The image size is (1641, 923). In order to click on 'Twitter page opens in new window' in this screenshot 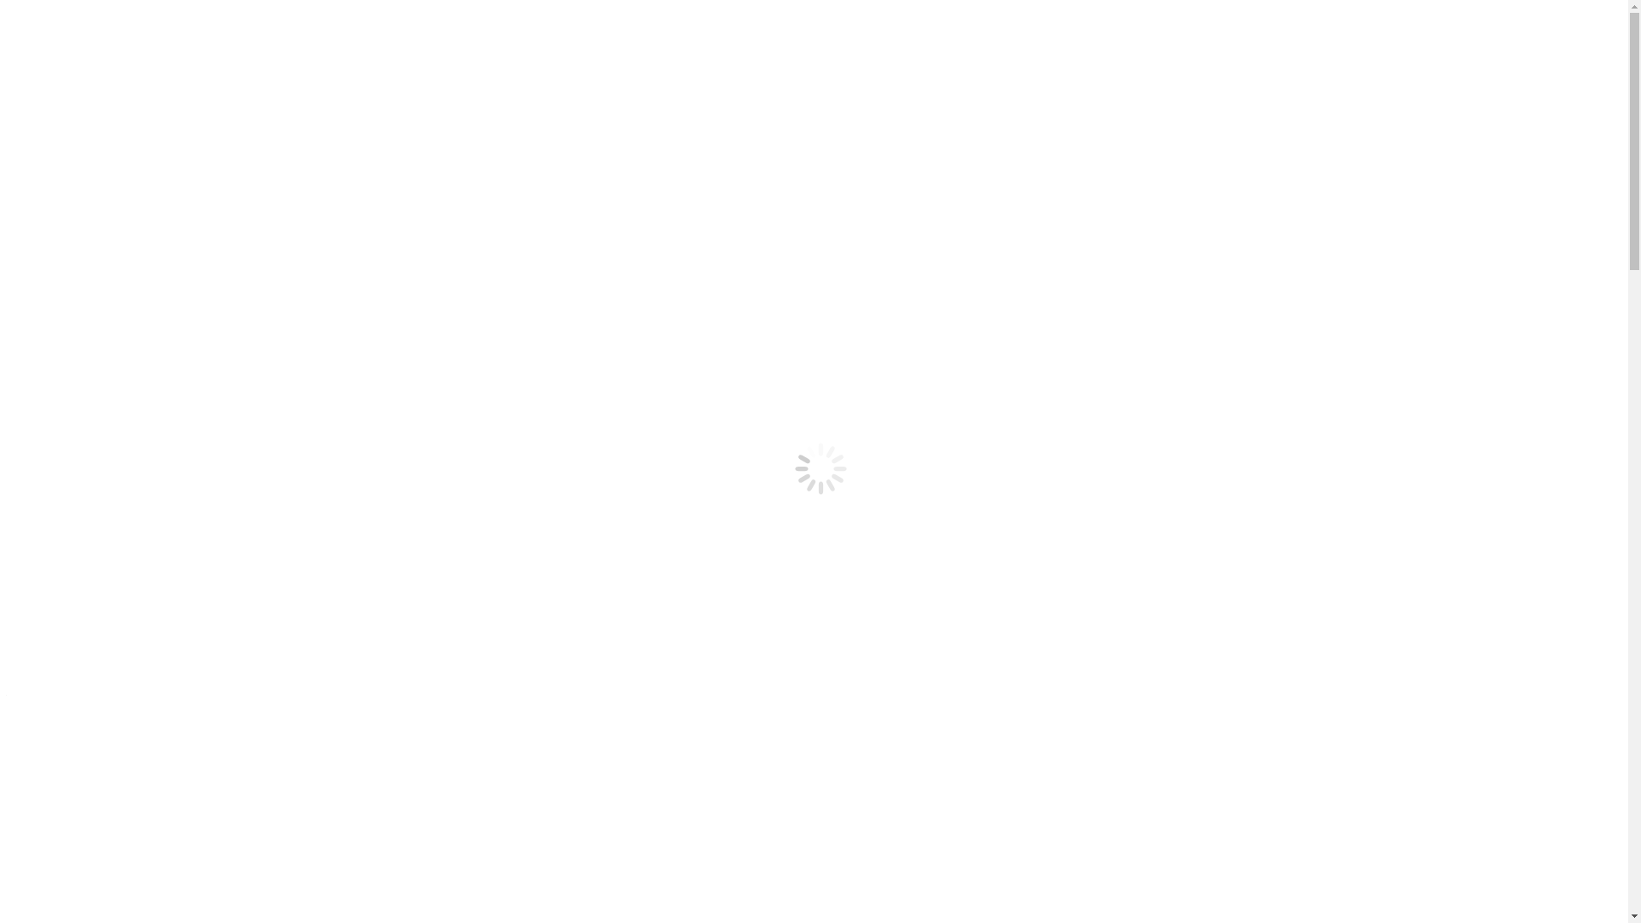, I will do `click(308, 91)`.